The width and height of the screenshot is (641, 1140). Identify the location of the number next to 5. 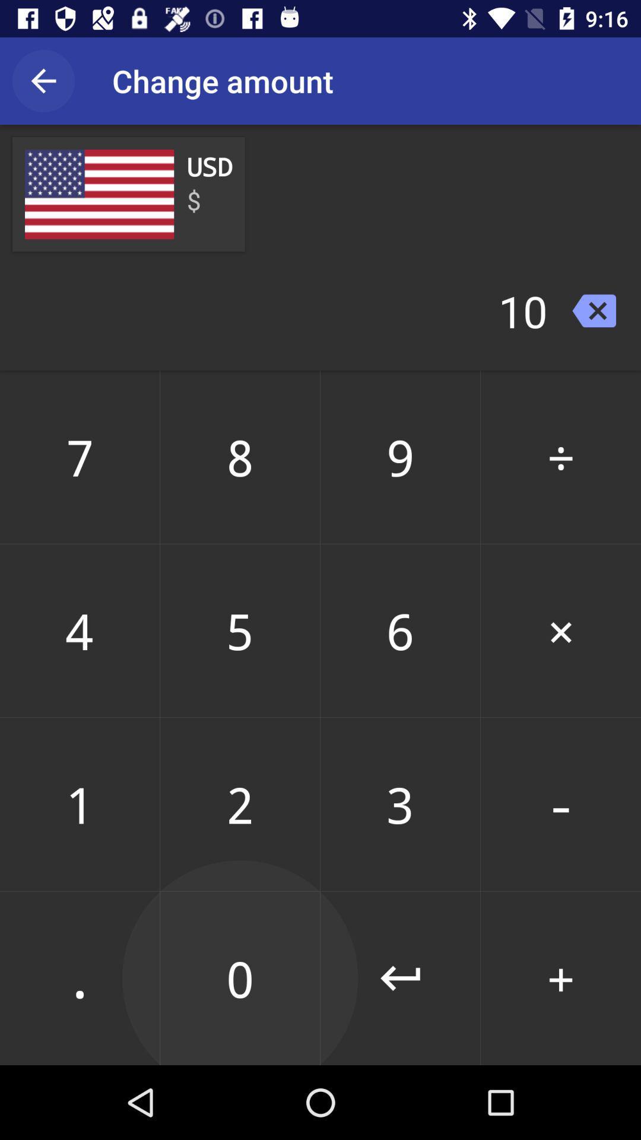
(400, 630).